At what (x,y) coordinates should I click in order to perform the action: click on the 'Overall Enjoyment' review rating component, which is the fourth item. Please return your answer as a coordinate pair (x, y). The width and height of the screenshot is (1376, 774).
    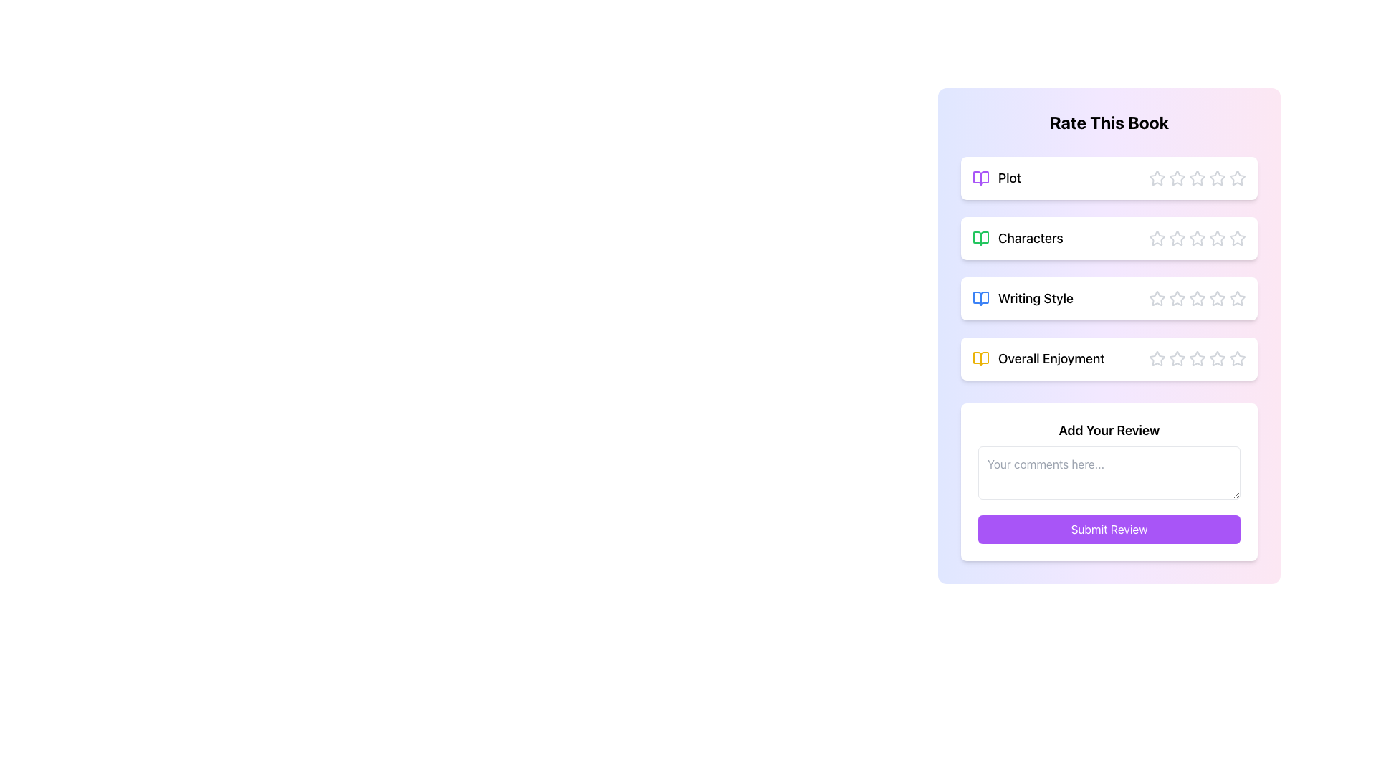
    Looking at the image, I should click on (1109, 358).